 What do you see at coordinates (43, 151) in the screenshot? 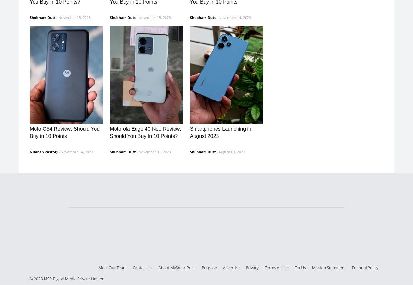
I see `'Nitansh Rastogi'` at bounding box center [43, 151].